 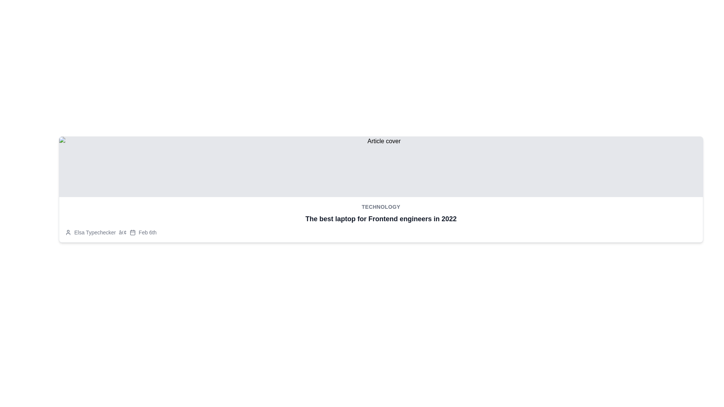 What do you see at coordinates (123, 232) in the screenshot?
I see `the Typography symbol or text-based separator located between 'Elsa Typechecker' and the icon next to 'Feb 6th'` at bounding box center [123, 232].